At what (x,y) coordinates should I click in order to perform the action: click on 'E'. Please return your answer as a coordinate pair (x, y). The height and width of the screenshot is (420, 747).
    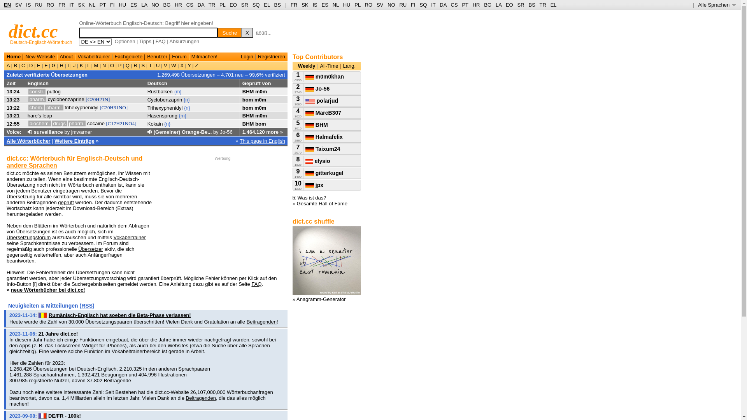
    Looking at the image, I should click on (38, 65).